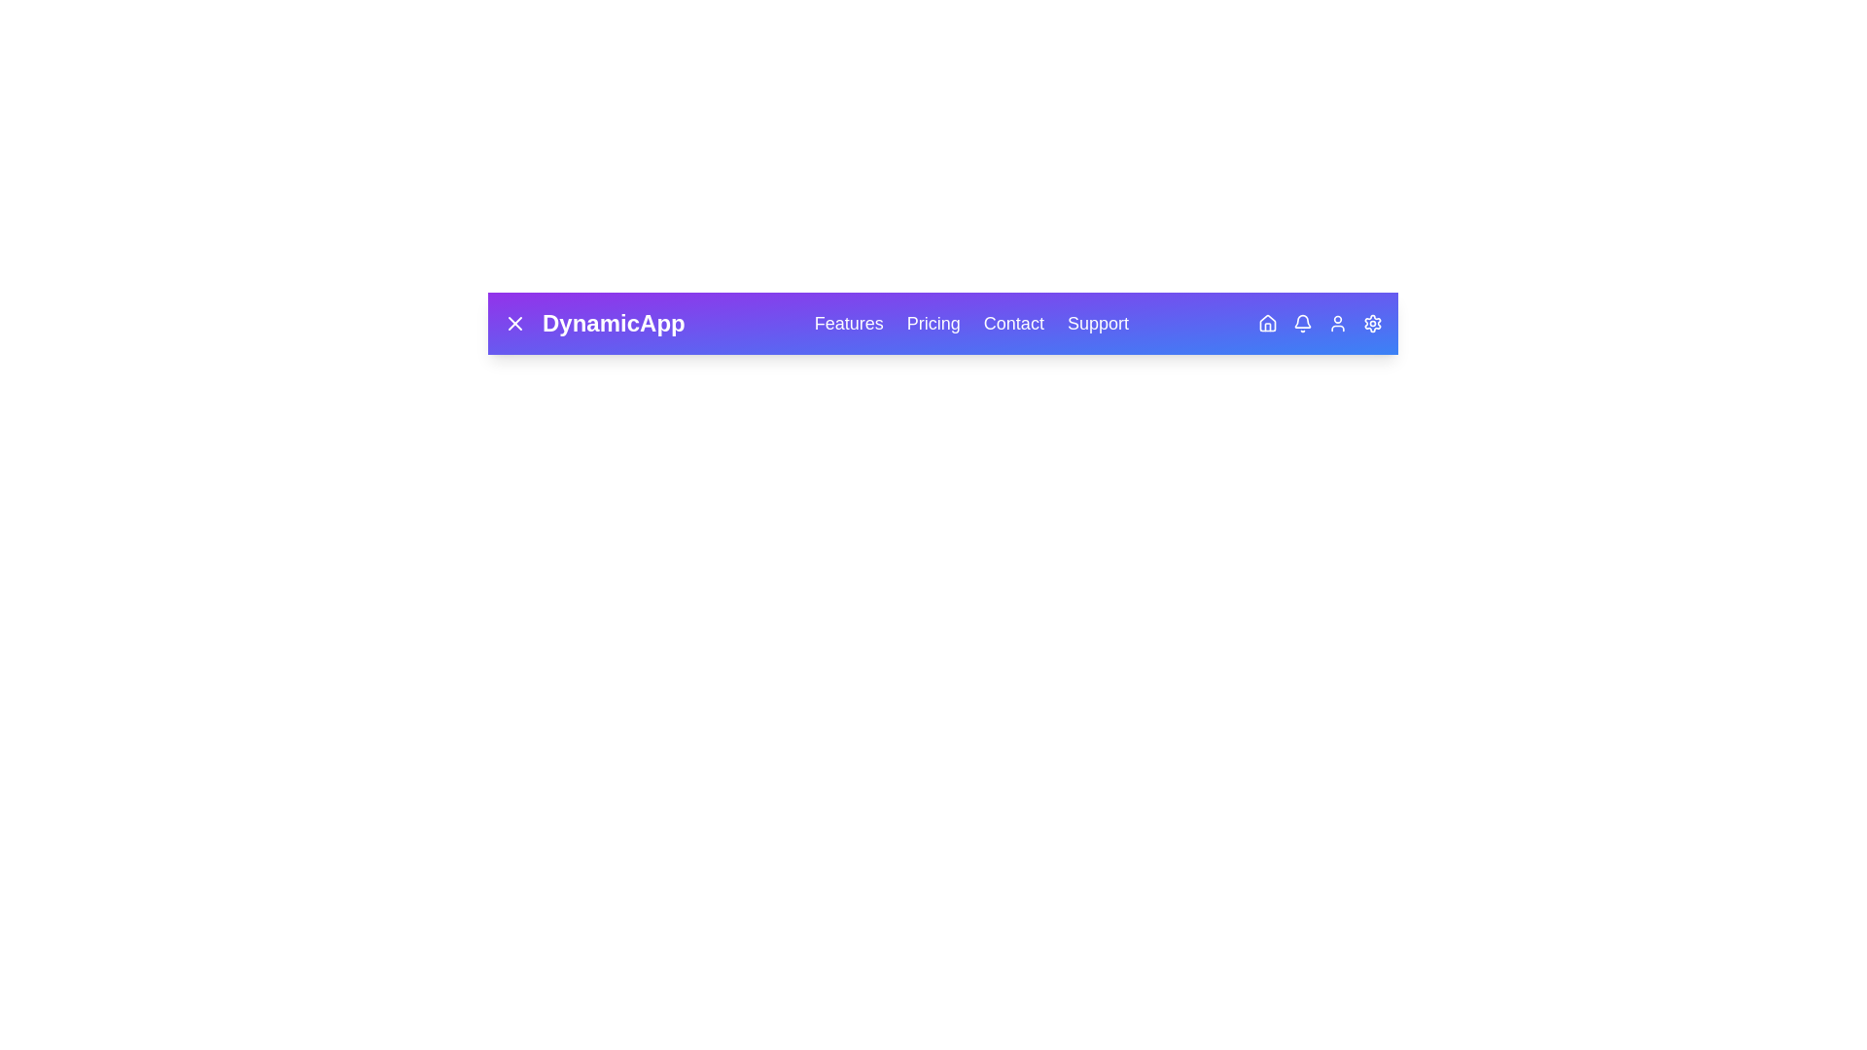  I want to click on the navigation link labeled Support to navigate to the respective section, so click(1097, 322).